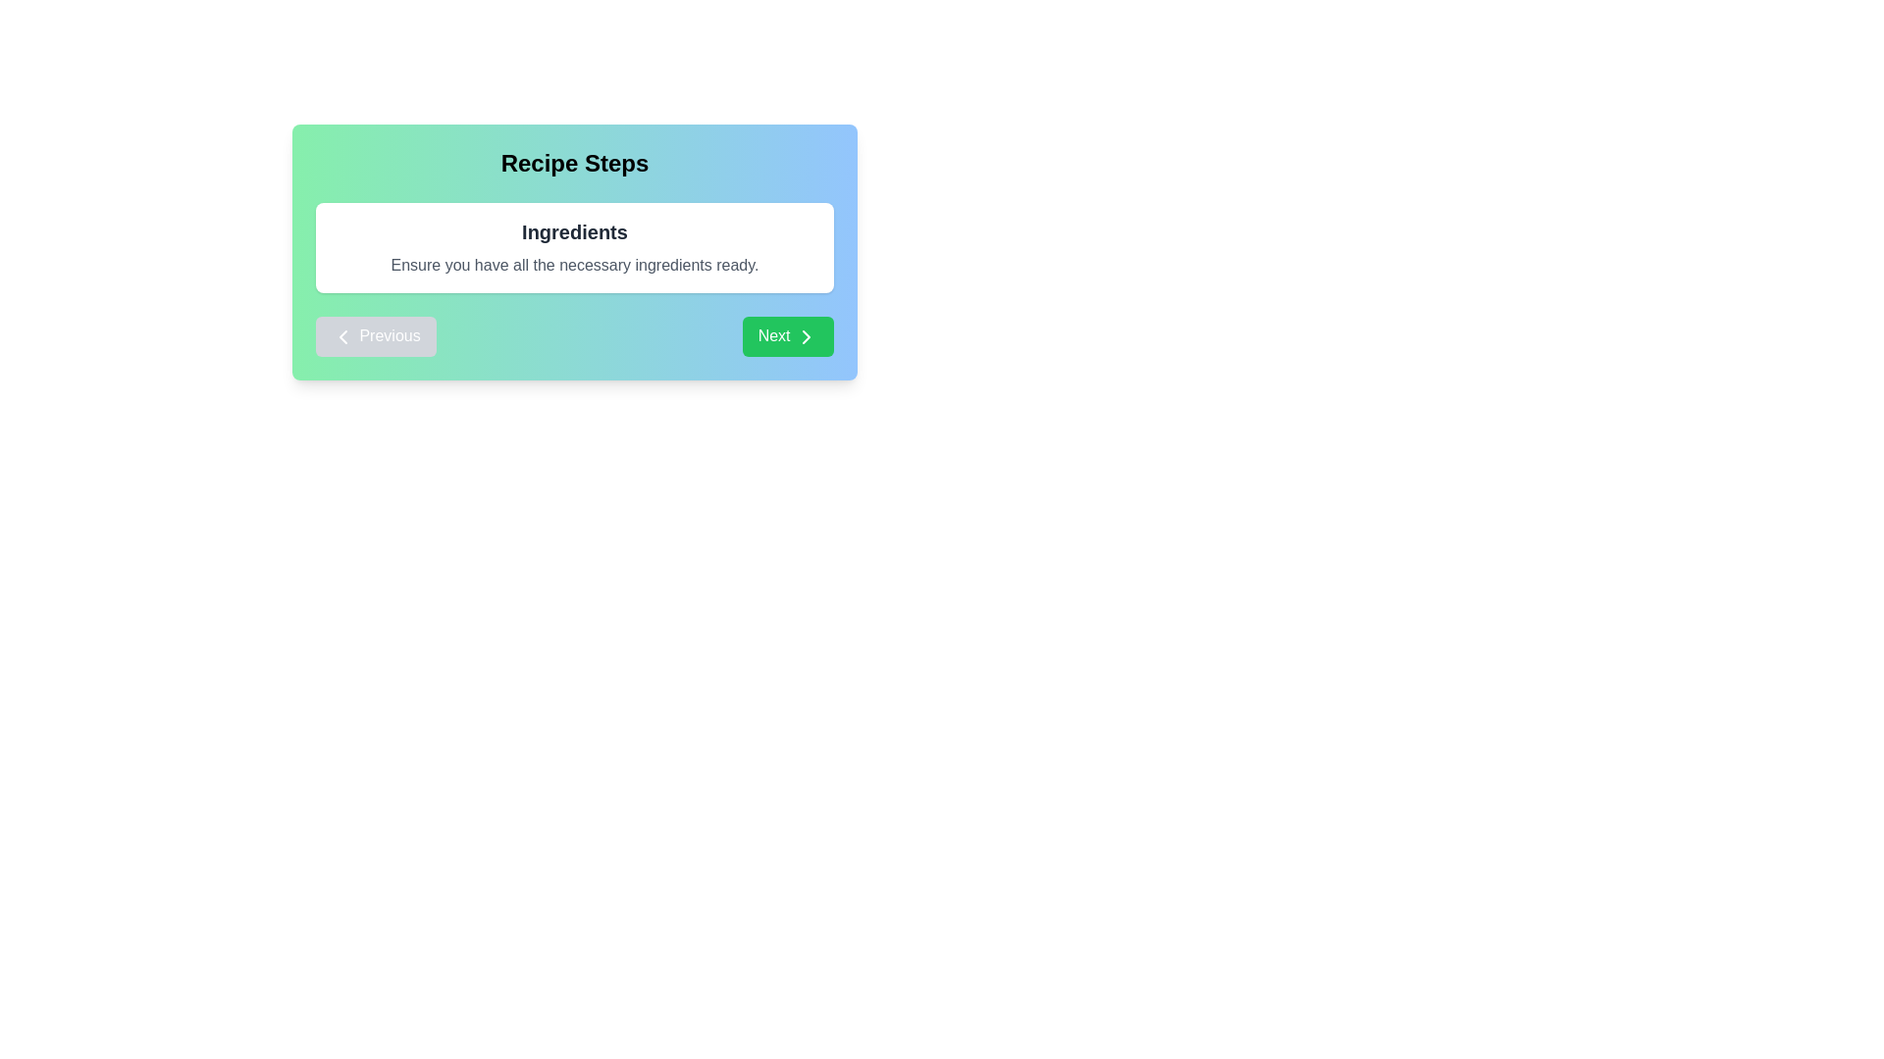  Describe the element at coordinates (573, 230) in the screenshot. I see `the 'Ingredients' header text label, which indicates the section of the interface focused on ingredients` at that location.